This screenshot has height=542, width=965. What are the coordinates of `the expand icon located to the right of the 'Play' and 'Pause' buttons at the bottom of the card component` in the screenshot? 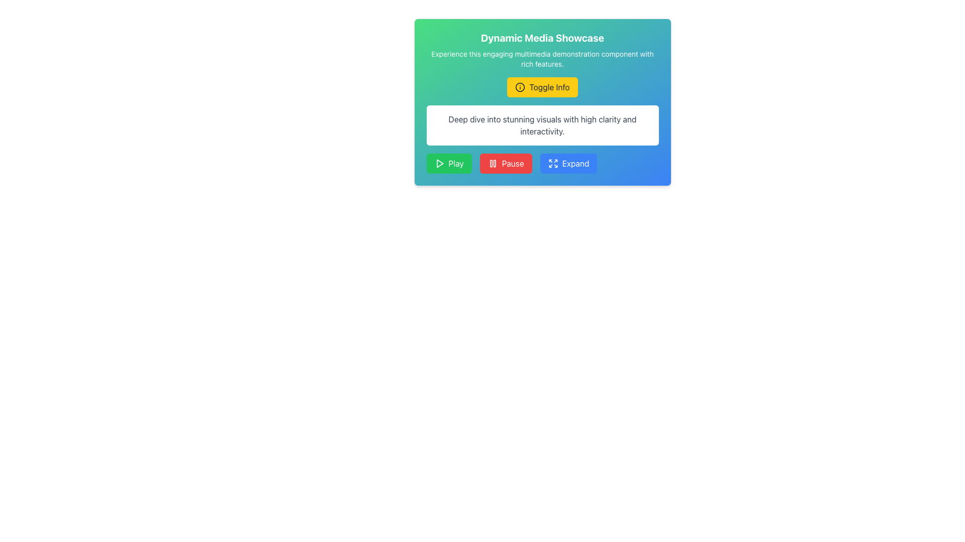 It's located at (552, 163).